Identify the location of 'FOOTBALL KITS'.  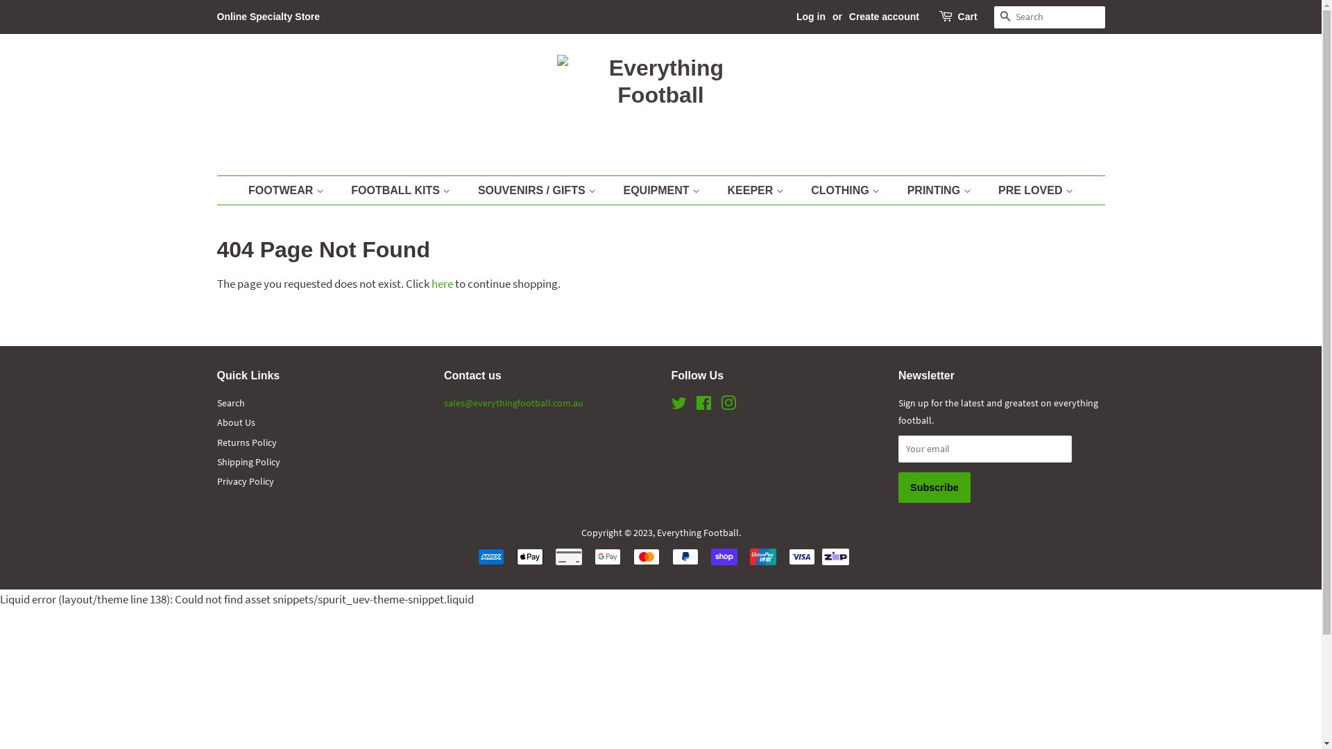
(402, 190).